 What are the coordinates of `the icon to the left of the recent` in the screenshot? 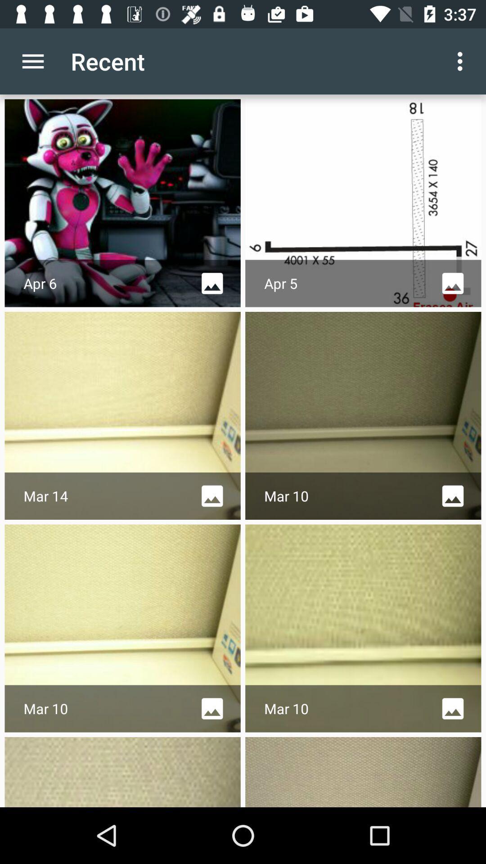 It's located at (32, 61).